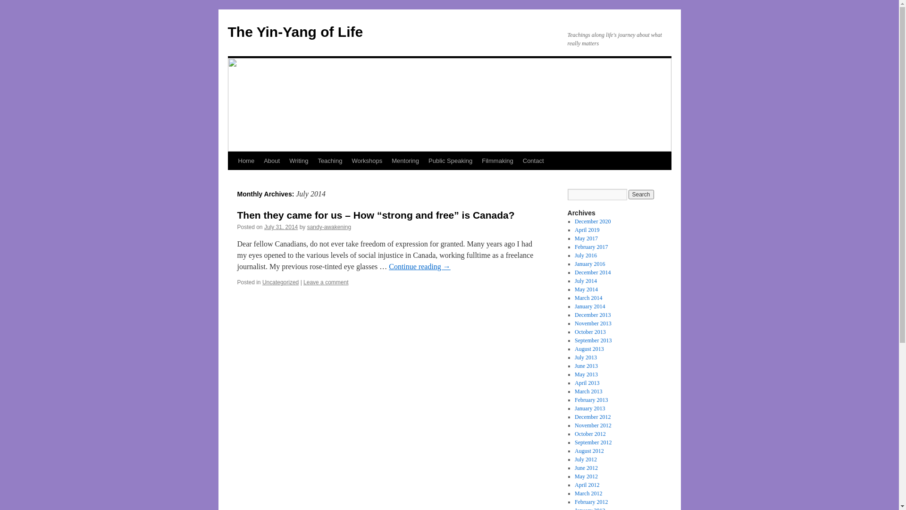 Image resolution: width=906 pixels, height=510 pixels. Describe the element at coordinates (330, 160) in the screenshot. I see `'Teaching'` at that location.